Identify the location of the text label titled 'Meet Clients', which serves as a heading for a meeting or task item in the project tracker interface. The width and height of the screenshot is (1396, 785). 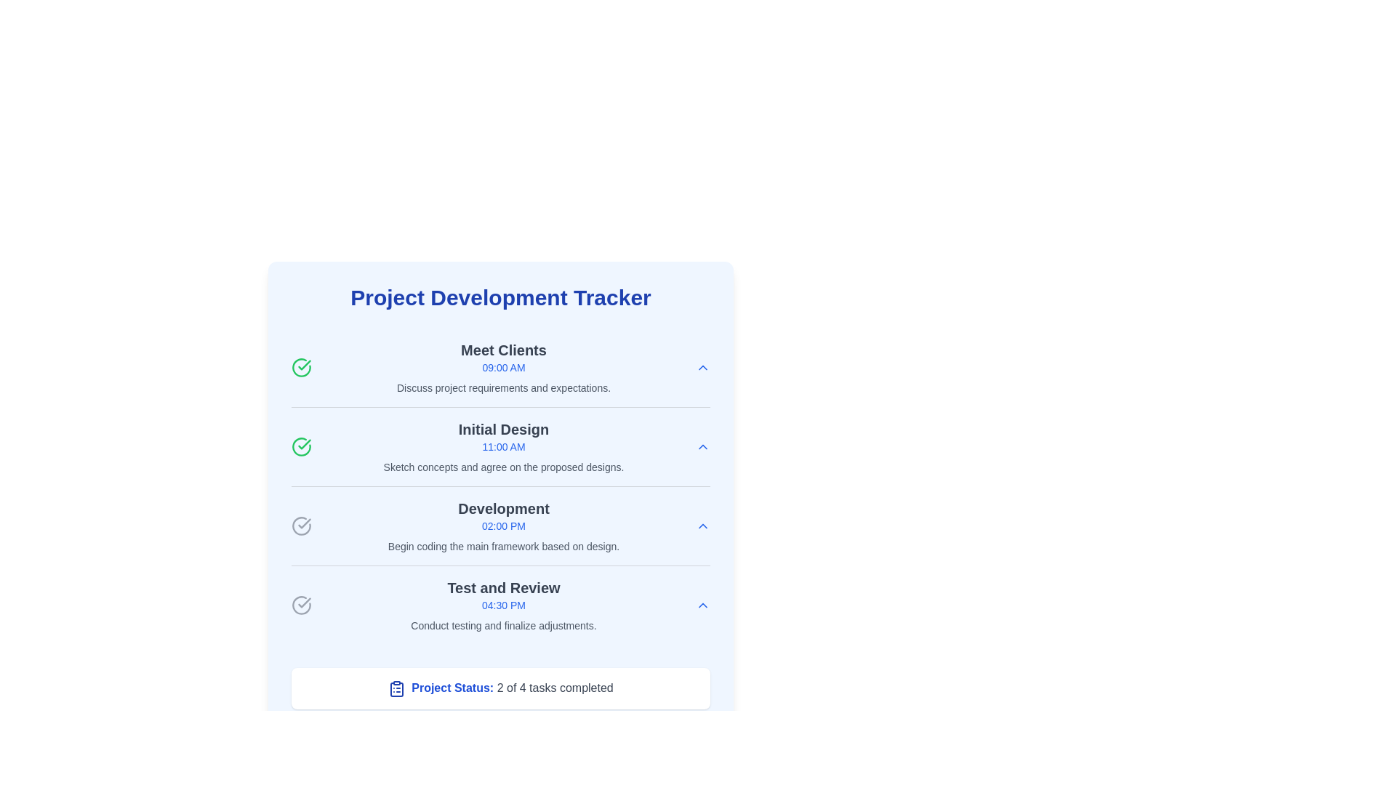
(503, 350).